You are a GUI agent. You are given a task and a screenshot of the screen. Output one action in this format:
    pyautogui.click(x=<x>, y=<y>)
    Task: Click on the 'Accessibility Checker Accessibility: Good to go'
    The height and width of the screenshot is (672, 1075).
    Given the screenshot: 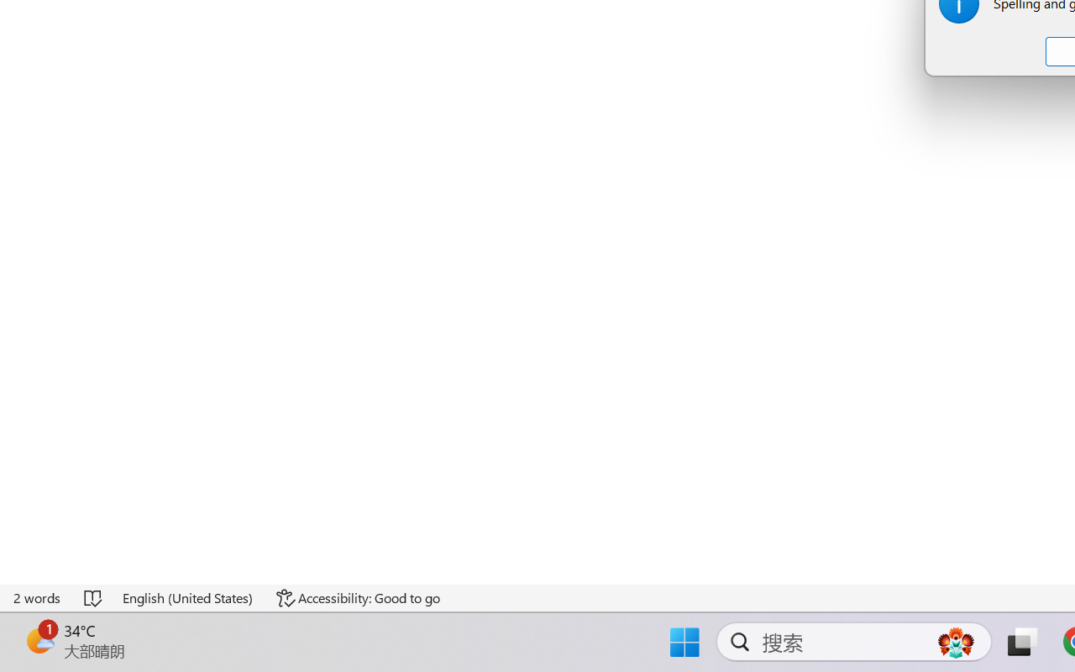 What is the action you would take?
    pyautogui.click(x=357, y=597)
    